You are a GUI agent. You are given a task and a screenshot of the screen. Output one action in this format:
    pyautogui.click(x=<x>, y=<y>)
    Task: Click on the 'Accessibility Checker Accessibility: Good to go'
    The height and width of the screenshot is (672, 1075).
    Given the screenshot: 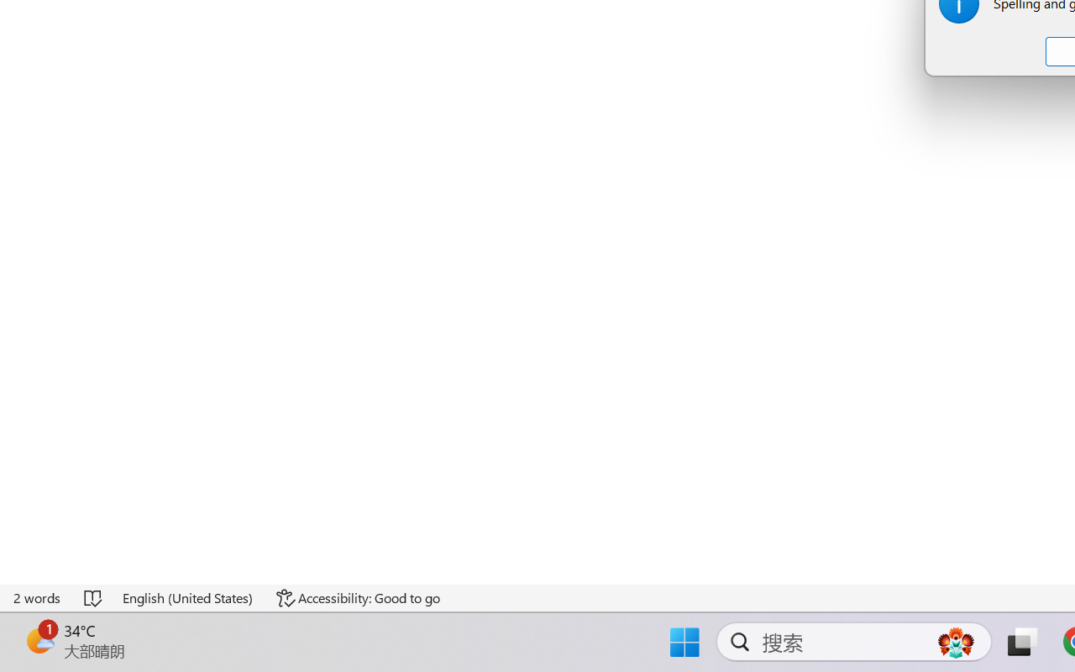 What is the action you would take?
    pyautogui.click(x=357, y=597)
    